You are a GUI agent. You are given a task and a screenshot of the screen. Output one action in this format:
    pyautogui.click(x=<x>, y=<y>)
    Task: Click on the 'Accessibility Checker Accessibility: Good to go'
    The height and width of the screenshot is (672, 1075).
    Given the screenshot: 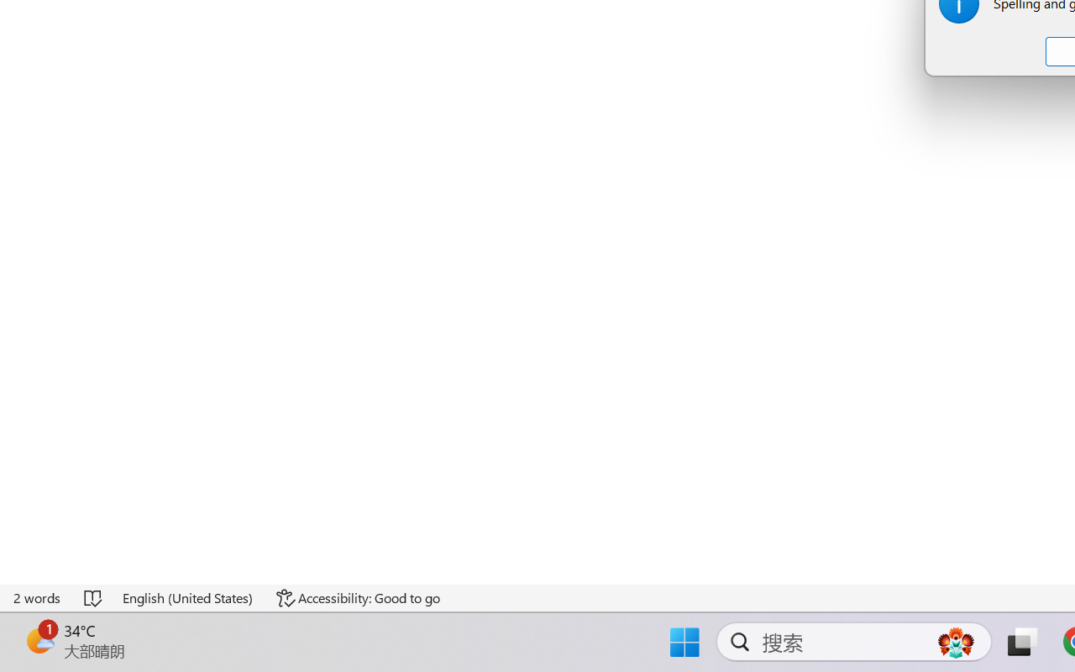 What is the action you would take?
    pyautogui.click(x=357, y=597)
    